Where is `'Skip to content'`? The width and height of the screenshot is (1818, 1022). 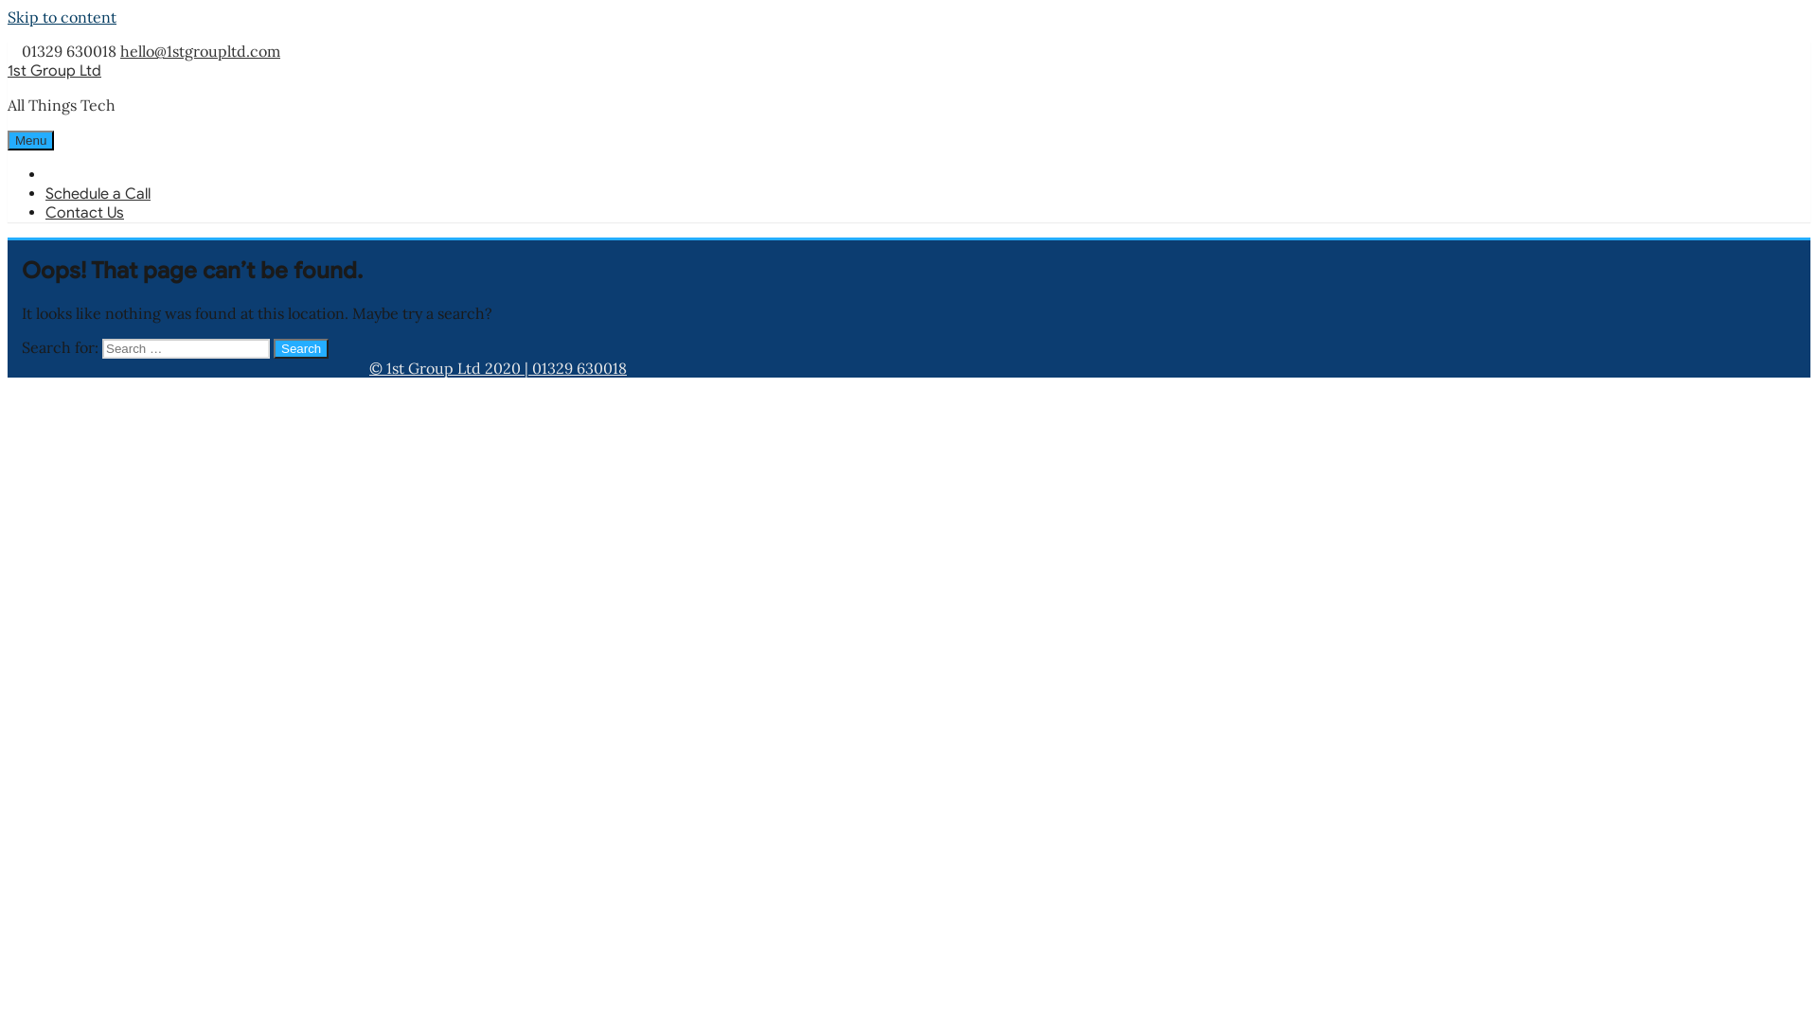
'Skip to content' is located at coordinates (62, 17).